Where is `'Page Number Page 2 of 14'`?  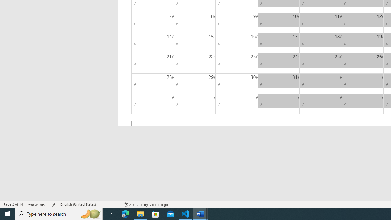 'Page Number Page 2 of 14' is located at coordinates (13, 204).